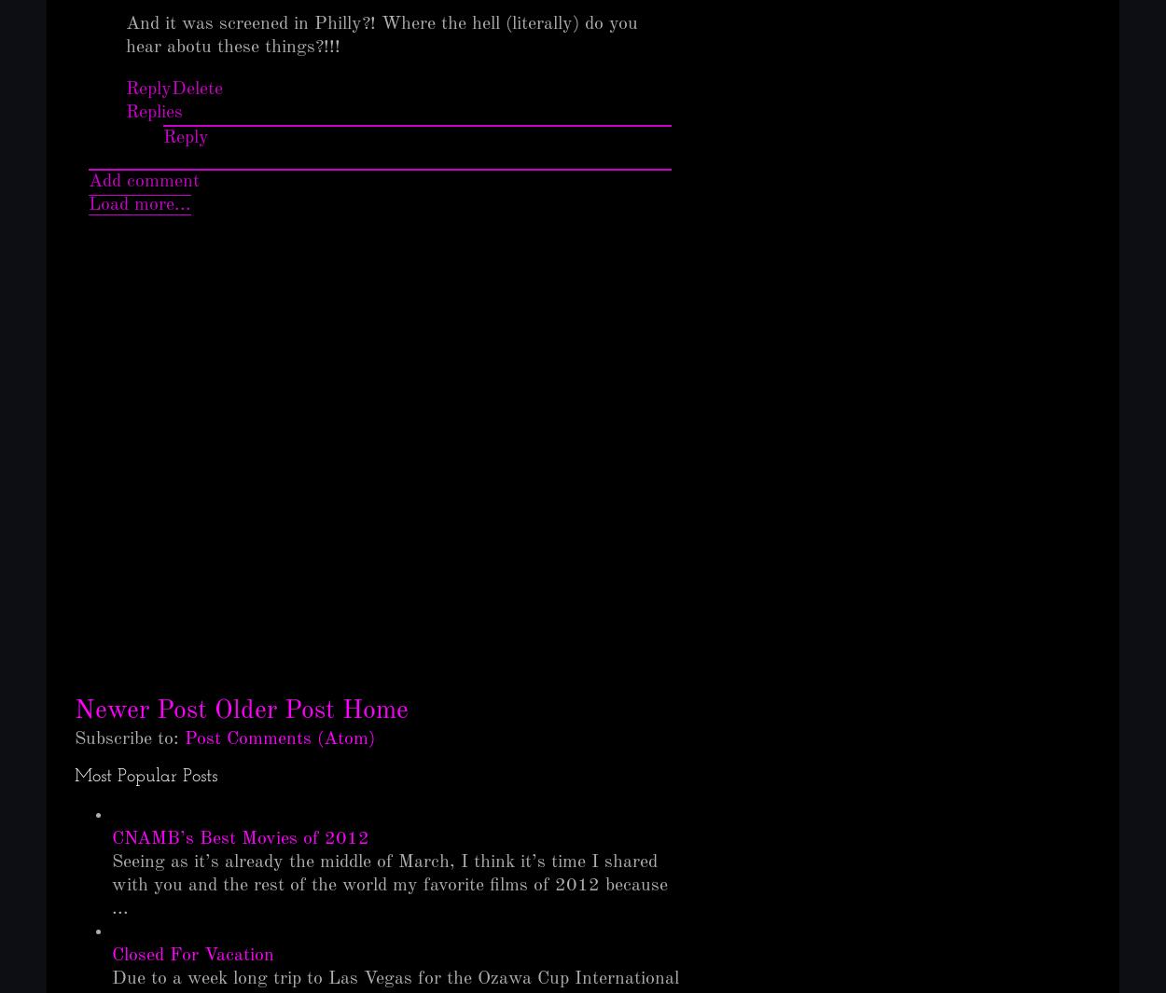 The width and height of the screenshot is (1166, 993). Describe the element at coordinates (74, 775) in the screenshot. I see `'Most Popular Posts'` at that location.